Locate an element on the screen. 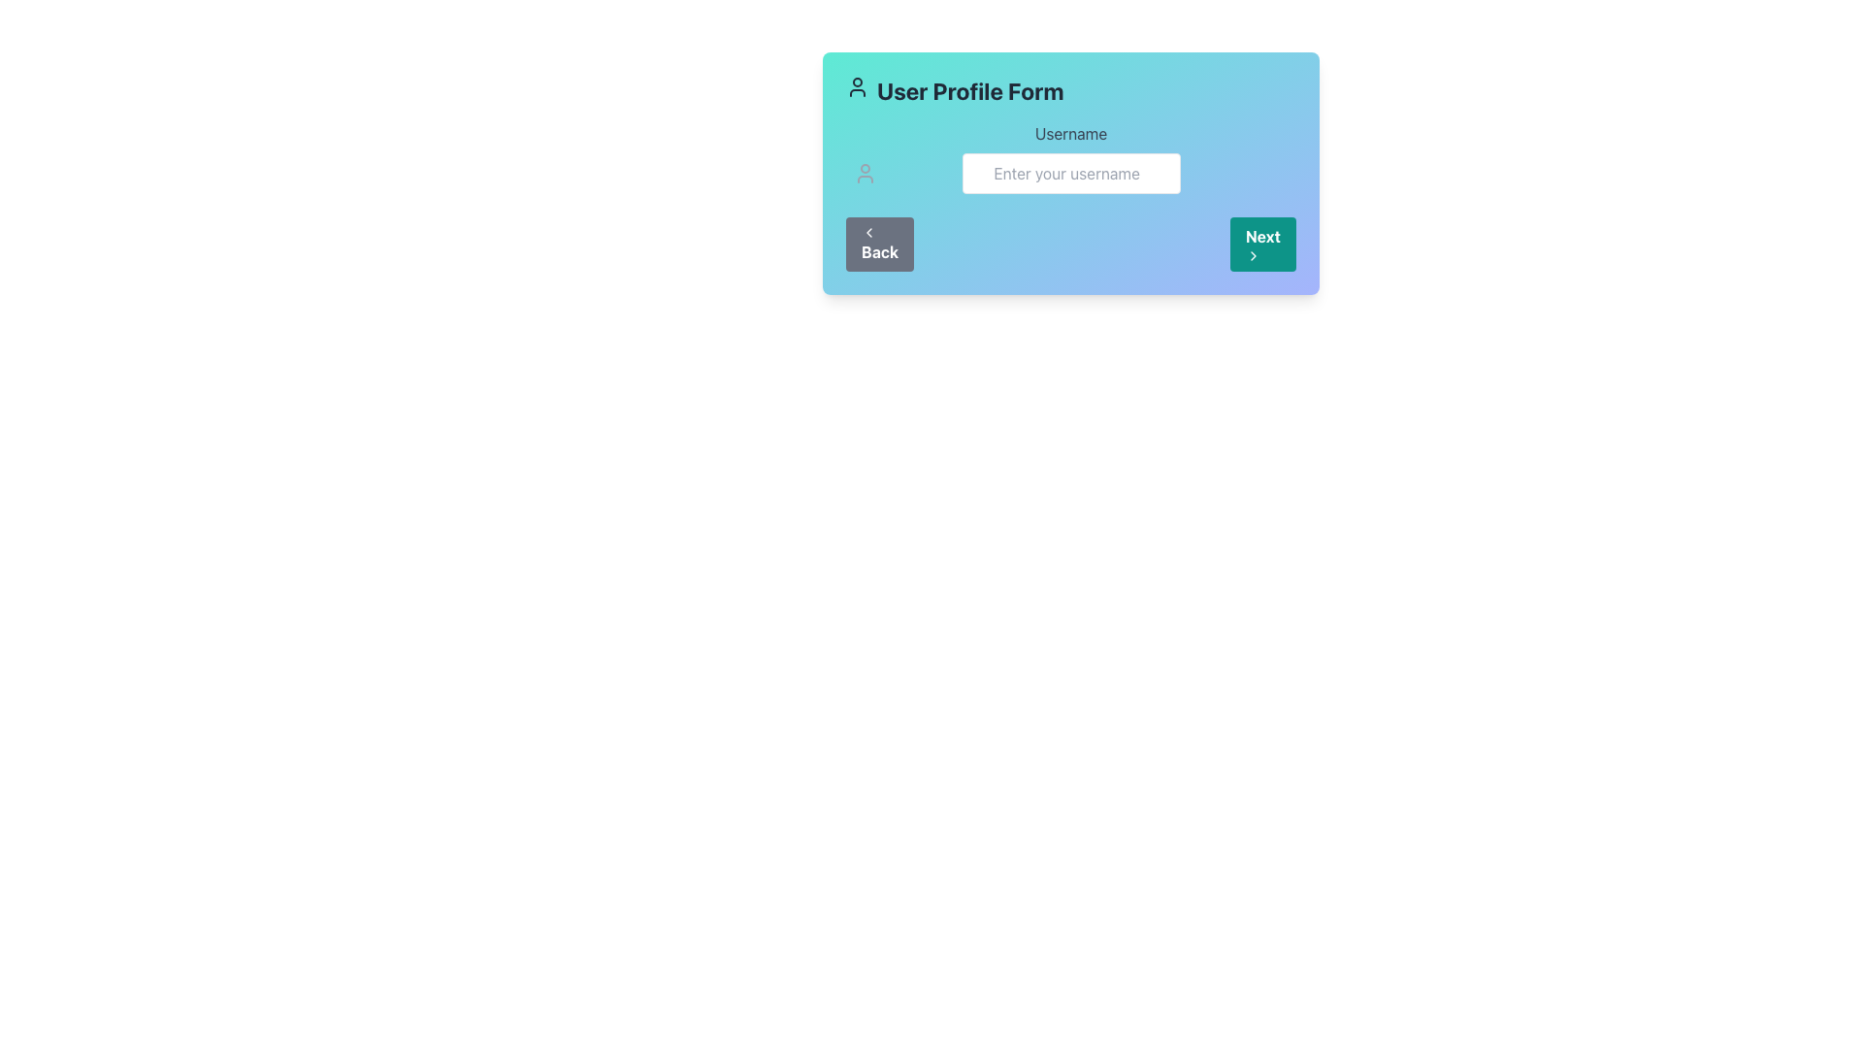 This screenshot has width=1863, height=1048. the username input box in the User Profile Form to focus on it is located at coordinates (1070, 156).